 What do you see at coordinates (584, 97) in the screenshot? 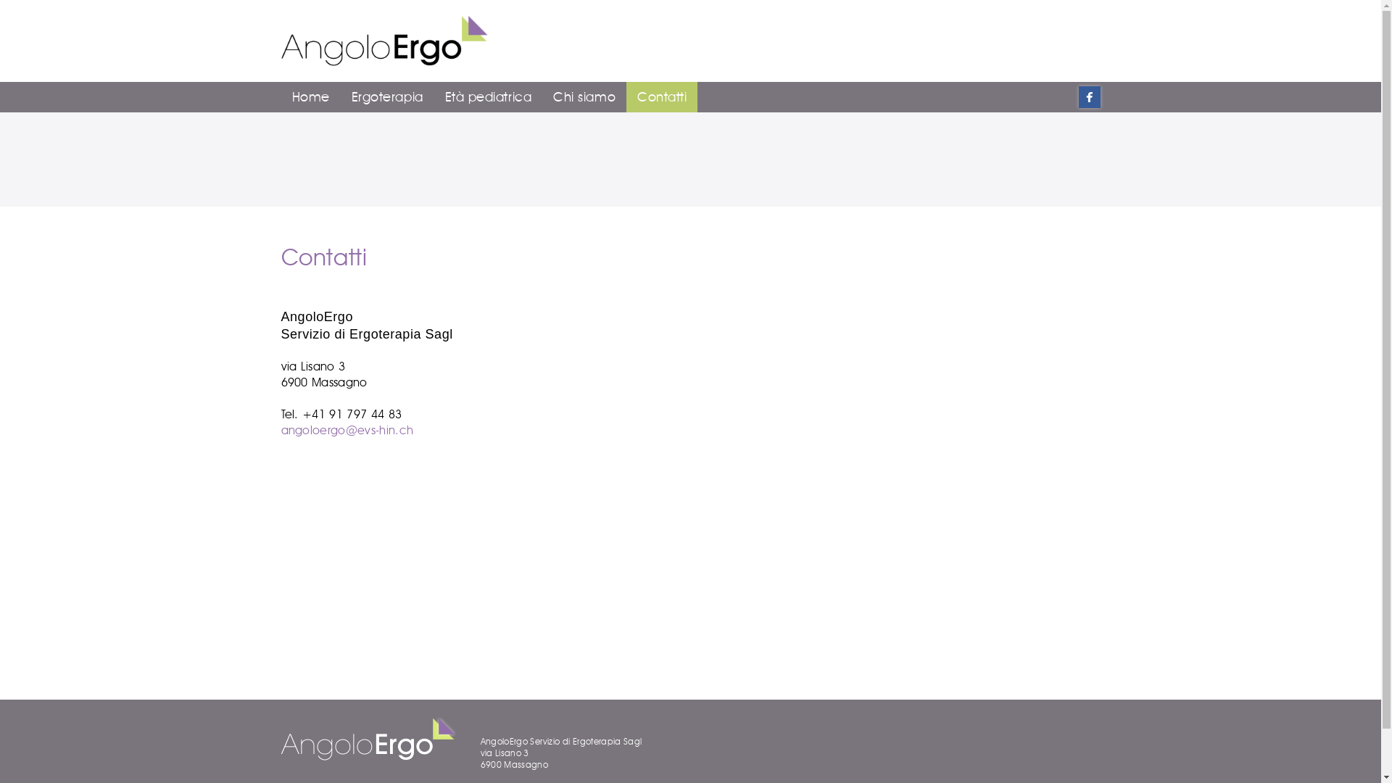
I see `'Chi siamo'` at bounding box center [584, 97].